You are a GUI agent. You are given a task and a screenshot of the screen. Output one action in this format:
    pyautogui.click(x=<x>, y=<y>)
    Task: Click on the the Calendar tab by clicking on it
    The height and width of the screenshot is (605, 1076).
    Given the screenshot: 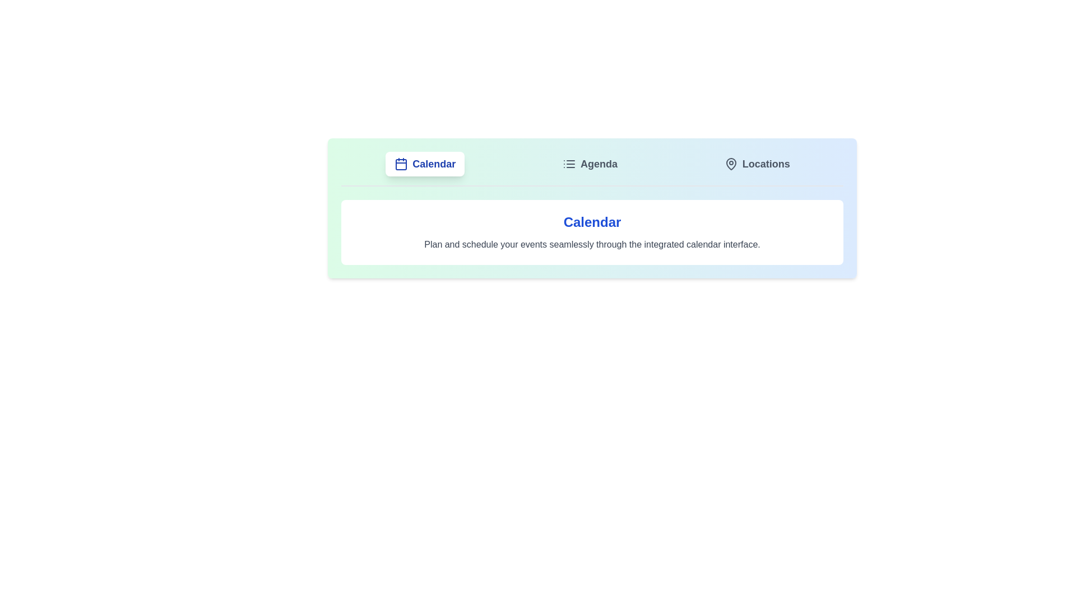 What is the action you would take?
    pyautogui.click(x=424, y=164)
    